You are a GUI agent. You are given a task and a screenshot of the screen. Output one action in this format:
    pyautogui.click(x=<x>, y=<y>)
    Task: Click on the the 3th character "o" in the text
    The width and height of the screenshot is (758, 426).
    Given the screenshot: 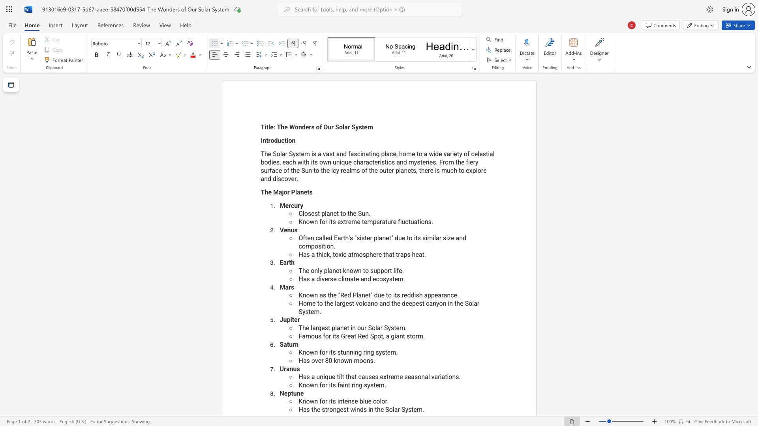 What is the action you would take?
    pyautogui.click(x=377, y=401)
    